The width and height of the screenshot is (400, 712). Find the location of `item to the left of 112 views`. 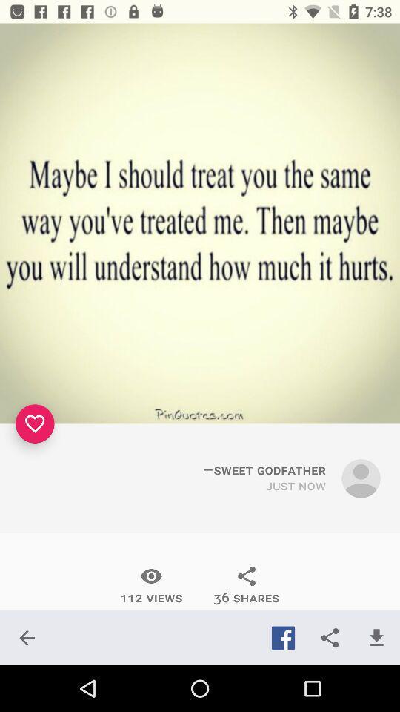

item to the left of 112 views is located at coordinates (27, 637).